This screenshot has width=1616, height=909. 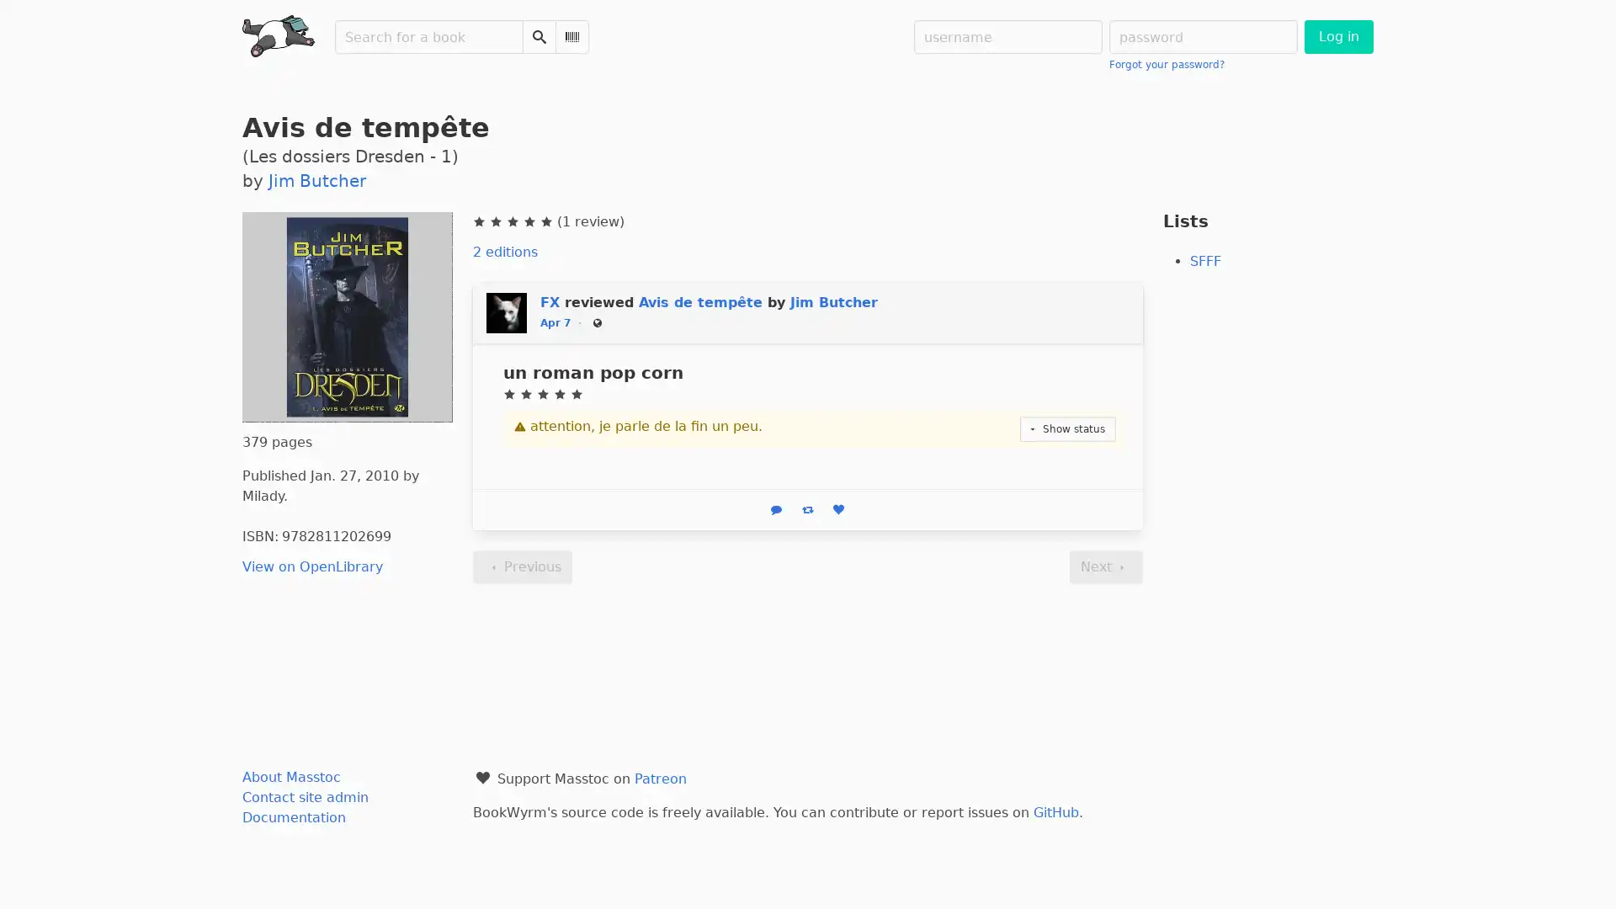 I want to click on Search, so click(x=540, y=36).